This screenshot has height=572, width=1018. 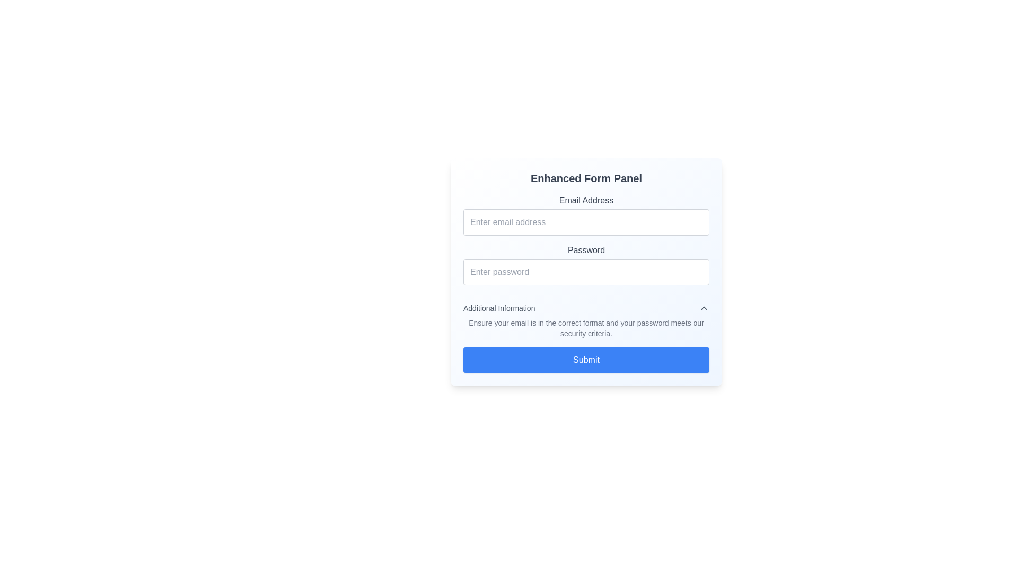 I want to click on the text label that reads 'Enhanced Form Panel', which is prominently displayed in bold and dark grey, located above the 'Email Address' label and input field, so click(x=585, y=177).